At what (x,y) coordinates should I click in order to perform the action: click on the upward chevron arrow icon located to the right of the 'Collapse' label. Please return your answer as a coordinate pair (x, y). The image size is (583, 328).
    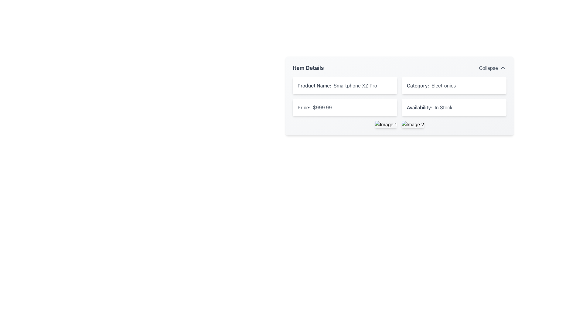
    Looking at the image, I should click on (503, 68).